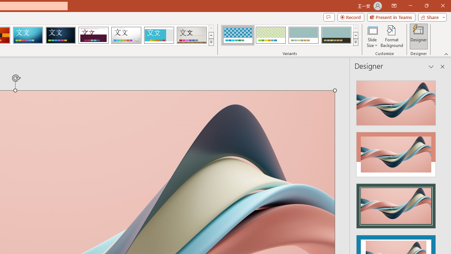 This screenshot has height=254, width=451. Describe the element at coordinates (126, 35) in the screenshot. I see `'Droplet'` at that location.